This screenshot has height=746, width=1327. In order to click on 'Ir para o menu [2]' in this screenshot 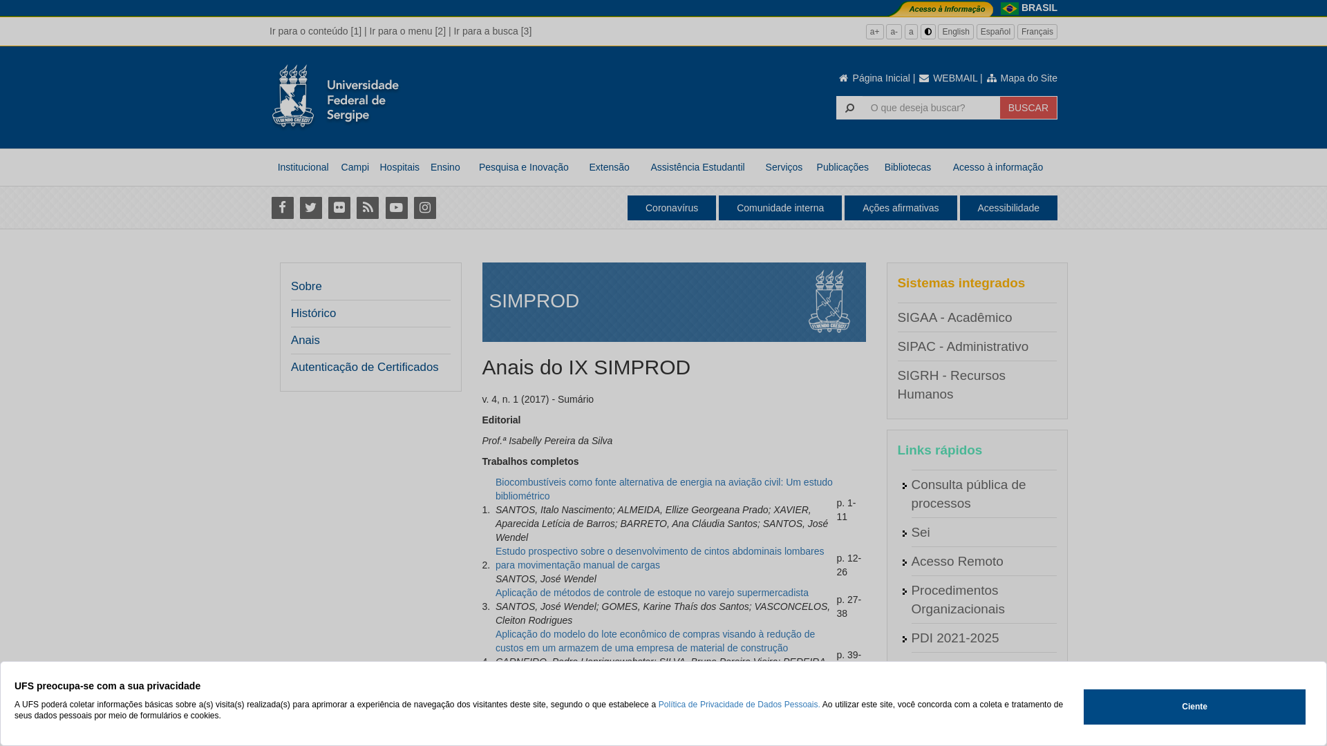, I will do `click(369, 31)`.